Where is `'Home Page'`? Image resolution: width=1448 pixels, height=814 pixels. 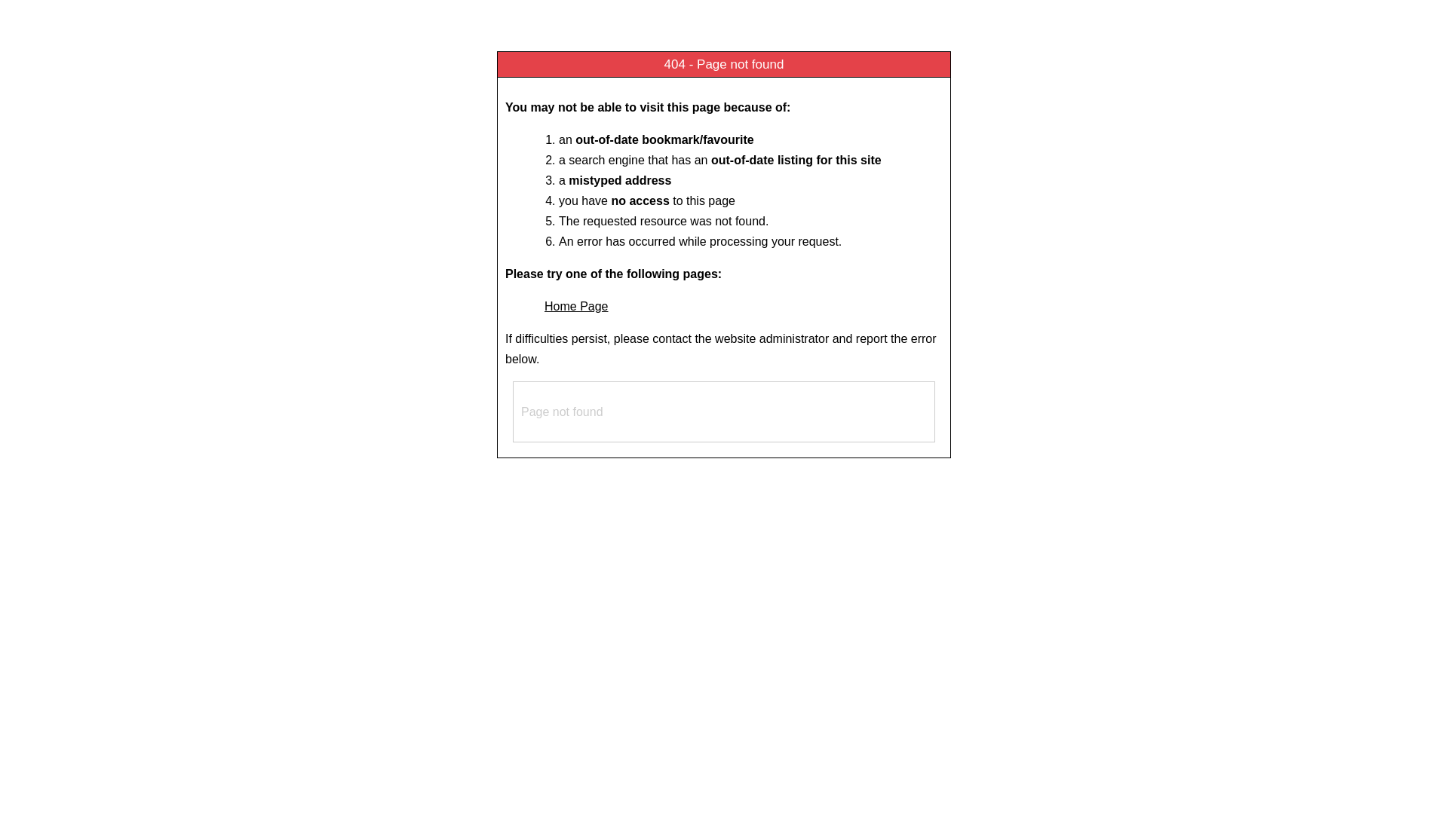 'Home Page' is located at coordinates (575, 305).